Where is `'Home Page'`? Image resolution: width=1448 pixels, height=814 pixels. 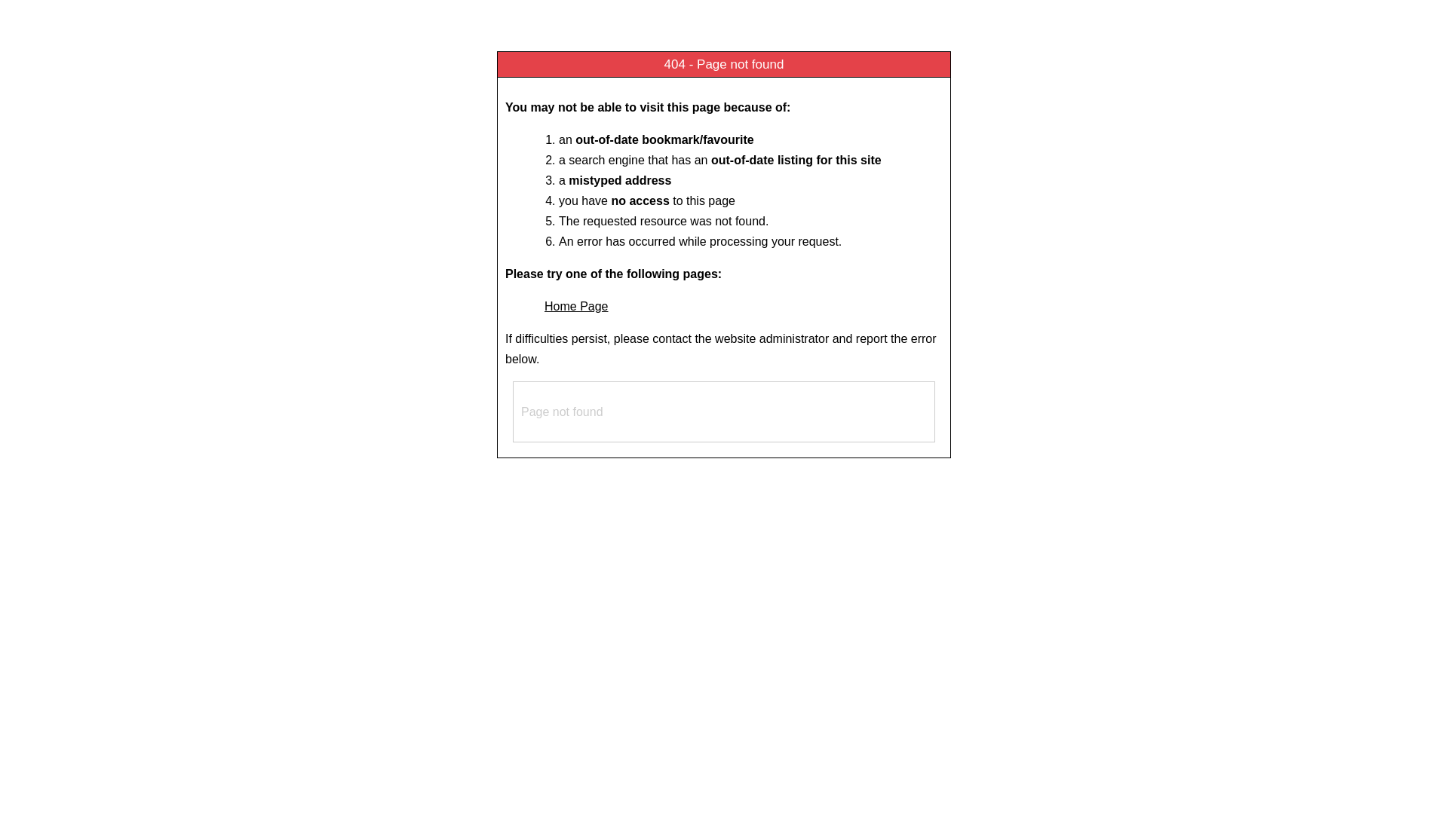 'Home Page' is located at coordinates (575, 305).